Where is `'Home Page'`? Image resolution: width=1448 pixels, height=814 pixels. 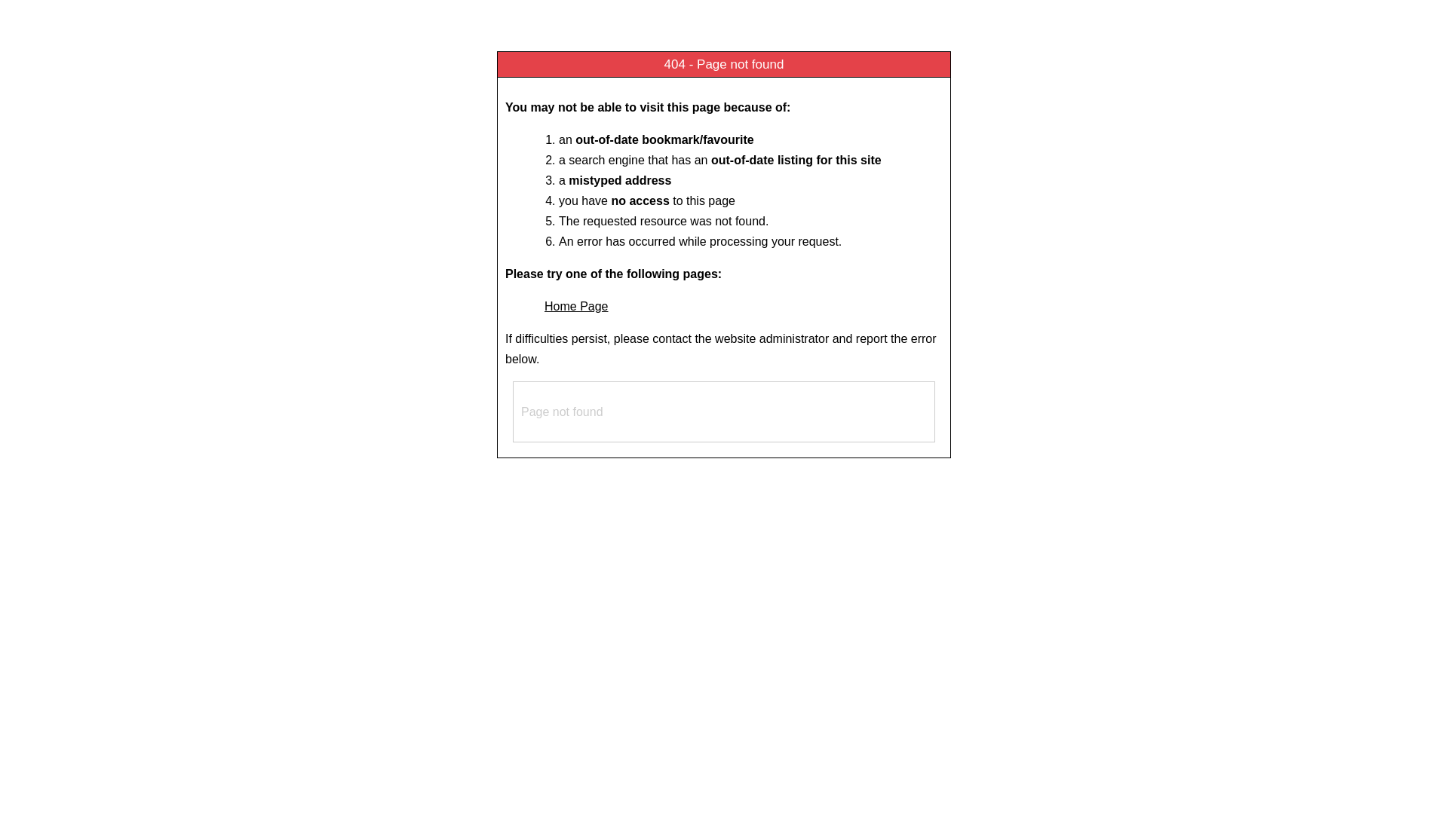 'Home Page' is located at coordinates (575, 305).